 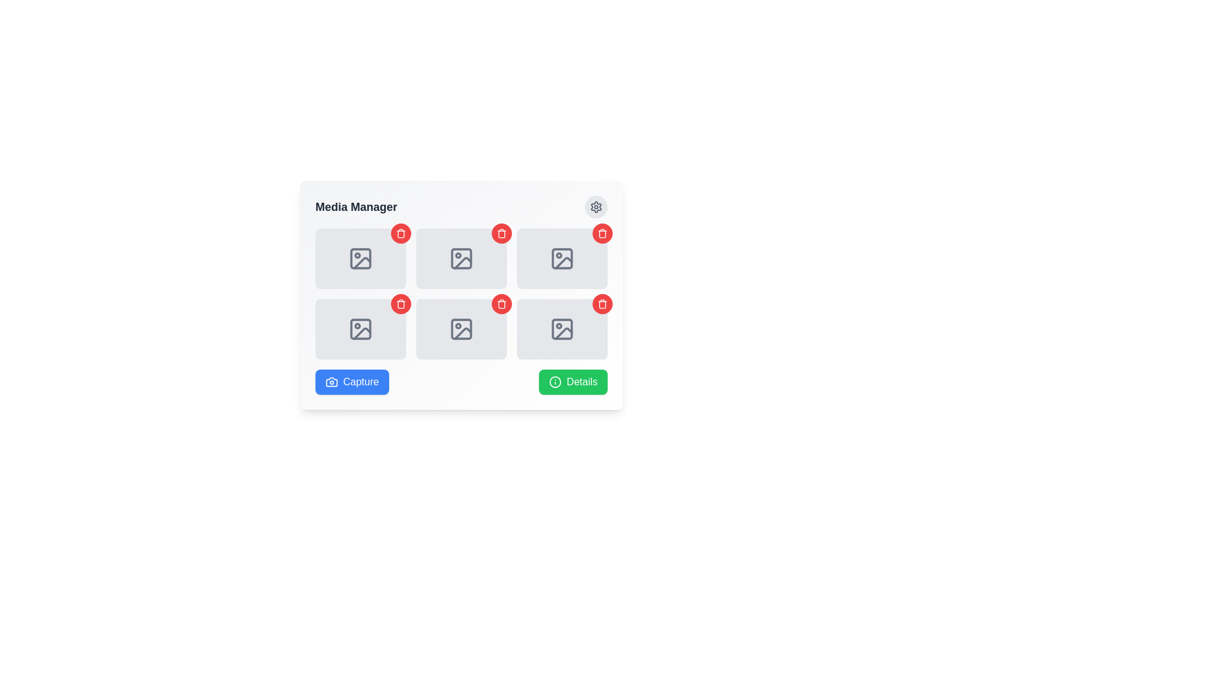 What do you see at coordinates (561, 329) in the screenshot?
I see `the media tile located in the third row and third column of the grid` at bounding box center [561, 329].